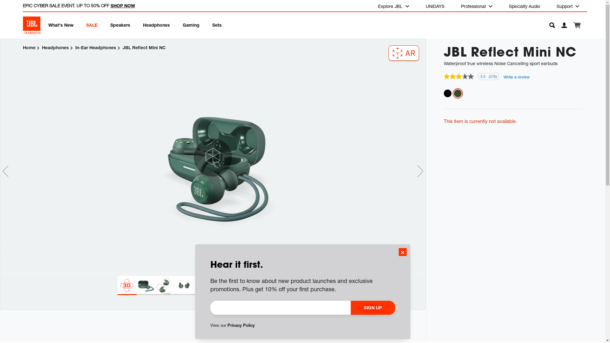 This screenshot has height=343, width=610. What do you see at coordinates (42, 47) in the screenshot?
I see `'Headphones'` at bounding box center [42, 47].